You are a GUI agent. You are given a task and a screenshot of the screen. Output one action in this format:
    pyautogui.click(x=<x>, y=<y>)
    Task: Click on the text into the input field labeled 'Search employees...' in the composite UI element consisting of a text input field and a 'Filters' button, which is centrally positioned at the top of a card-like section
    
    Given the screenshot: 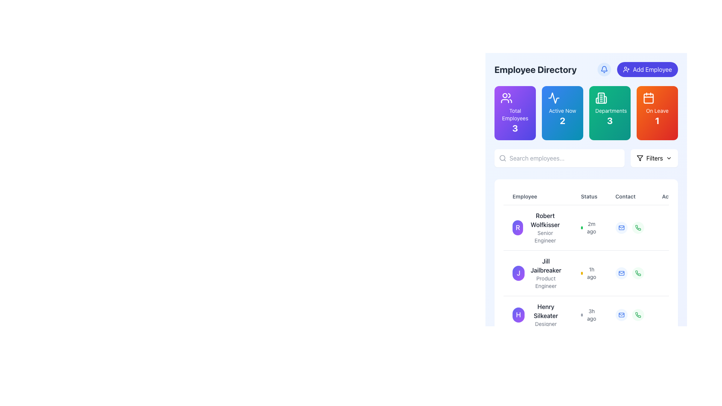 What is the action you would take?
    pyautogui.click(x=586, y=158)
    